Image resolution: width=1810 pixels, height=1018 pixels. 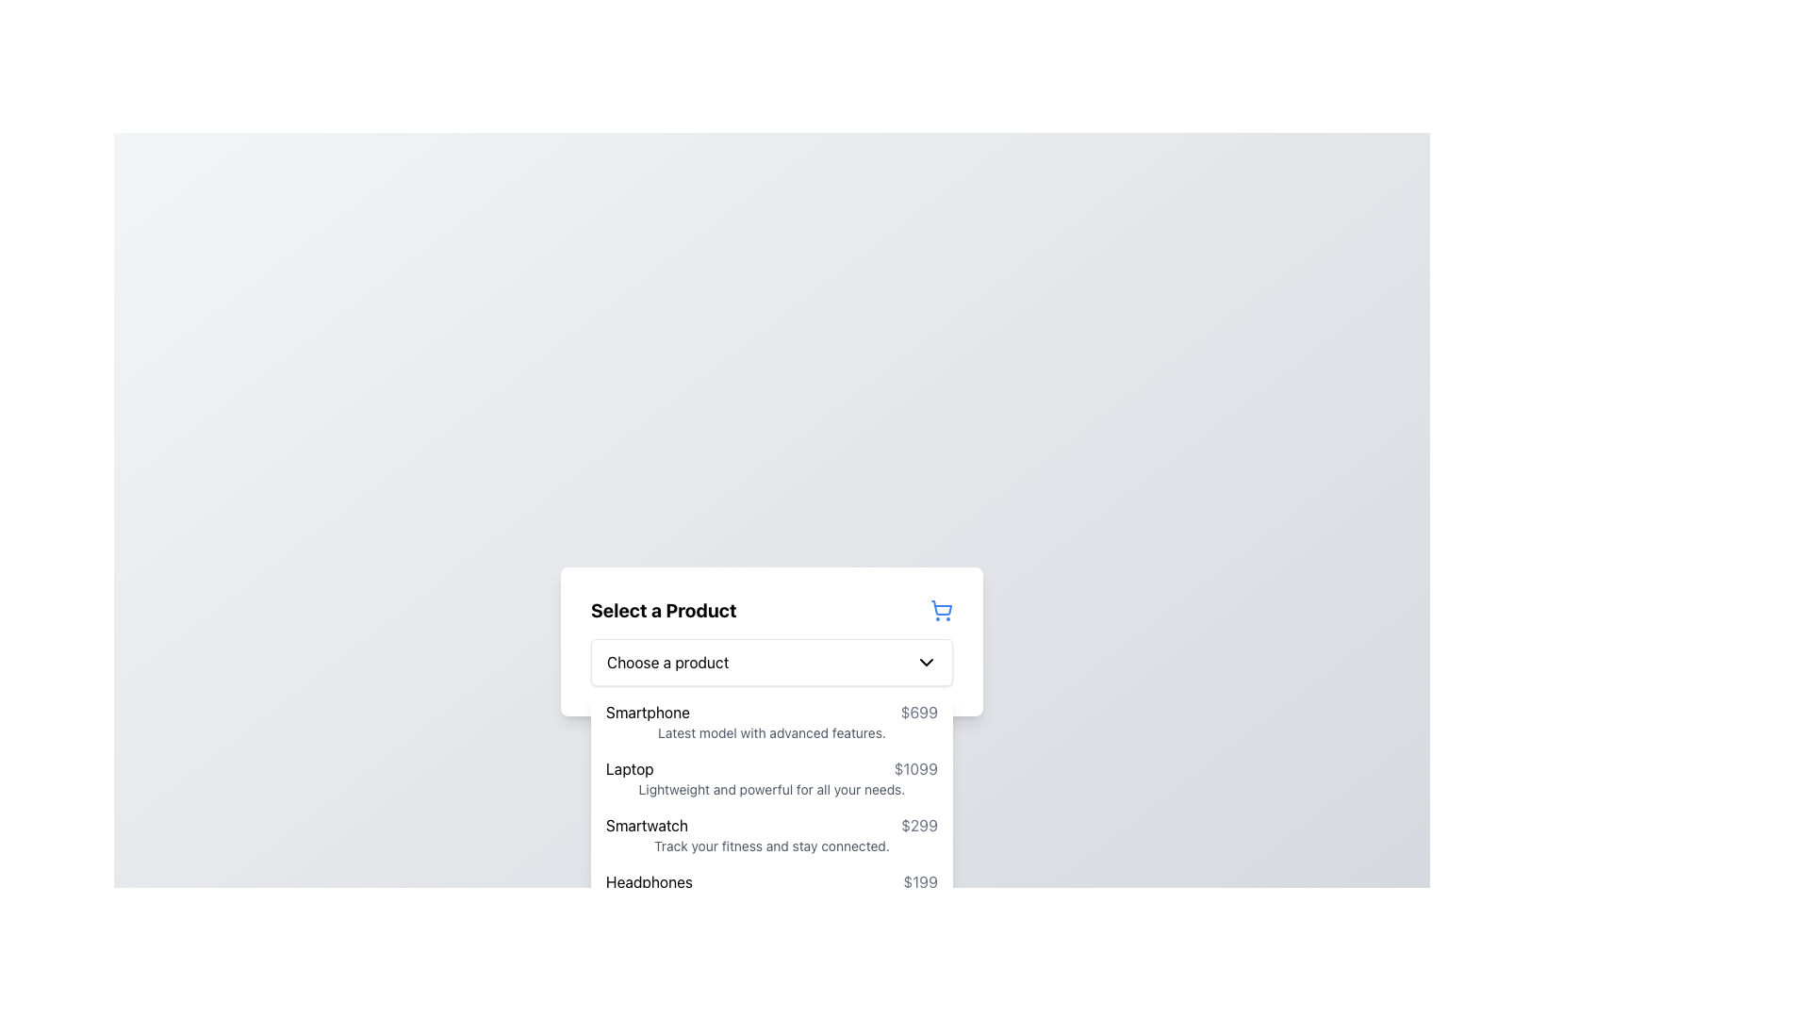 I want to click on the Text Label that provides additional descriptive information about the 'Smartphone' product, located below the 'Smartphone' and '$699' text in the dropdown menu, so click(x=772, y=732).